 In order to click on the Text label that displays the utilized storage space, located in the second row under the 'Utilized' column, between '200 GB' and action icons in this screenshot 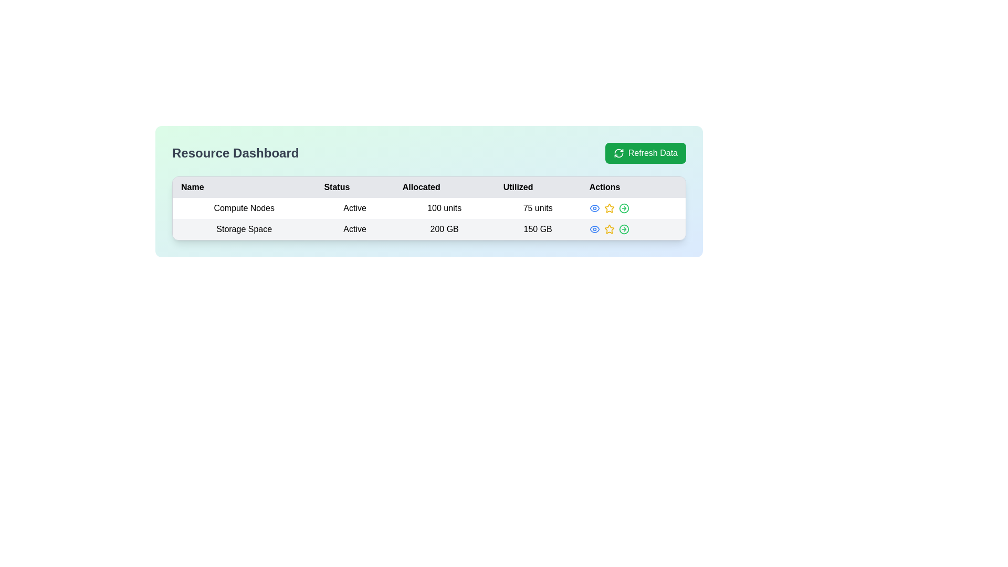, I will do `click(538, 228)`.